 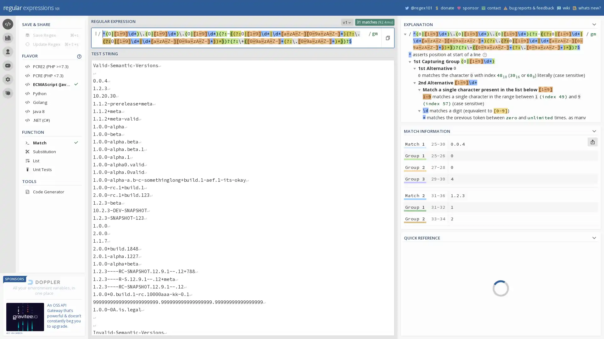 What do you see at coordinates (532, 320) in the screenshot?
I see `Any non-whitespace character \S` at bounding box center [532, 320].